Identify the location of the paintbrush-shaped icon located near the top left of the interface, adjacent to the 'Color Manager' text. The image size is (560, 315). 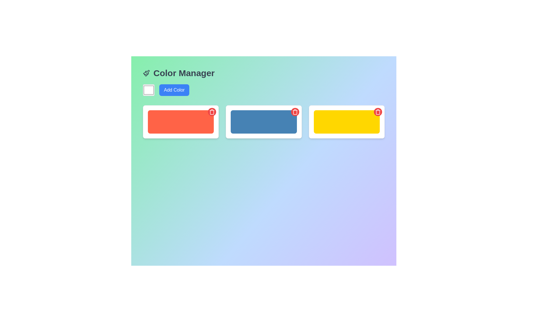
(147, 72).